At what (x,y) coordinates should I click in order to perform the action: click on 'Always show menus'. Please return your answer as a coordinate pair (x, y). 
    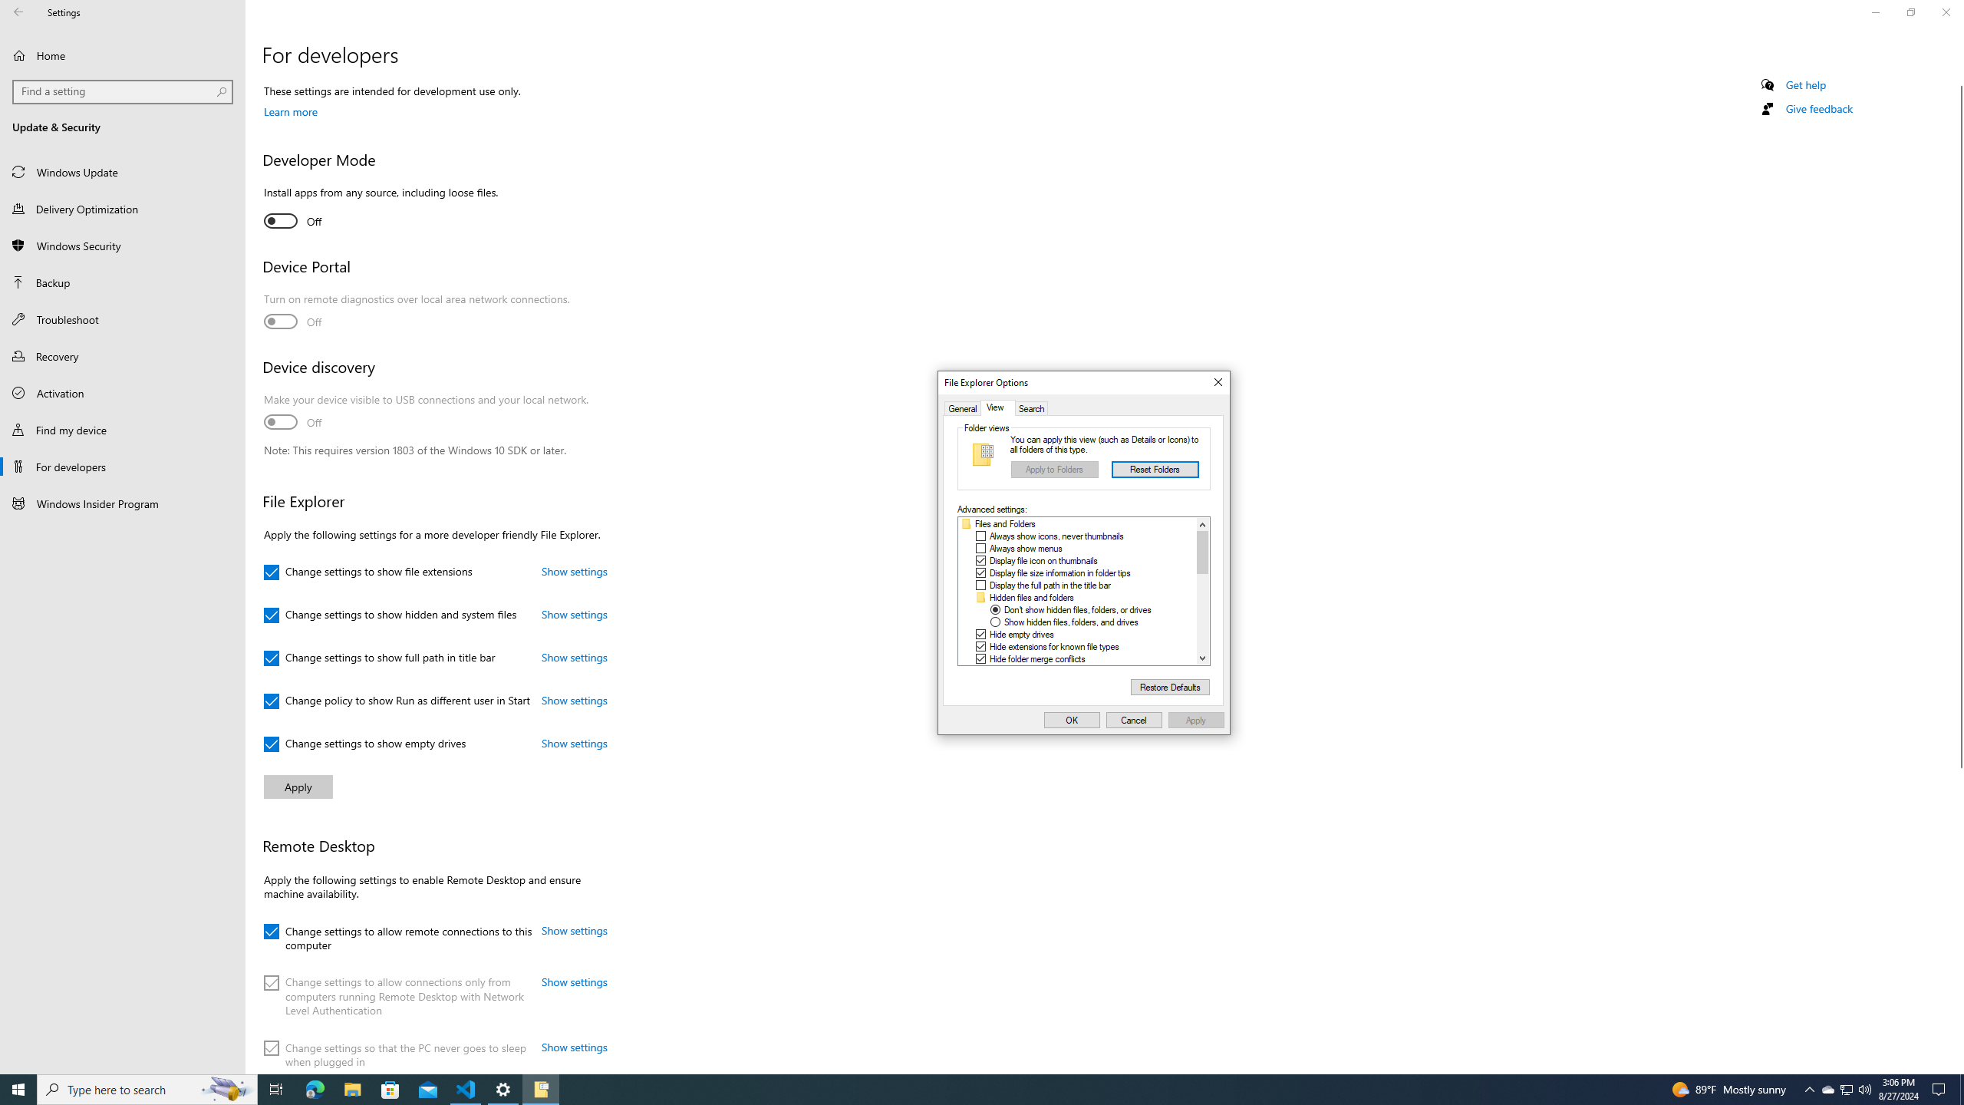
    Looking at the image, I should click on (1026, 547).